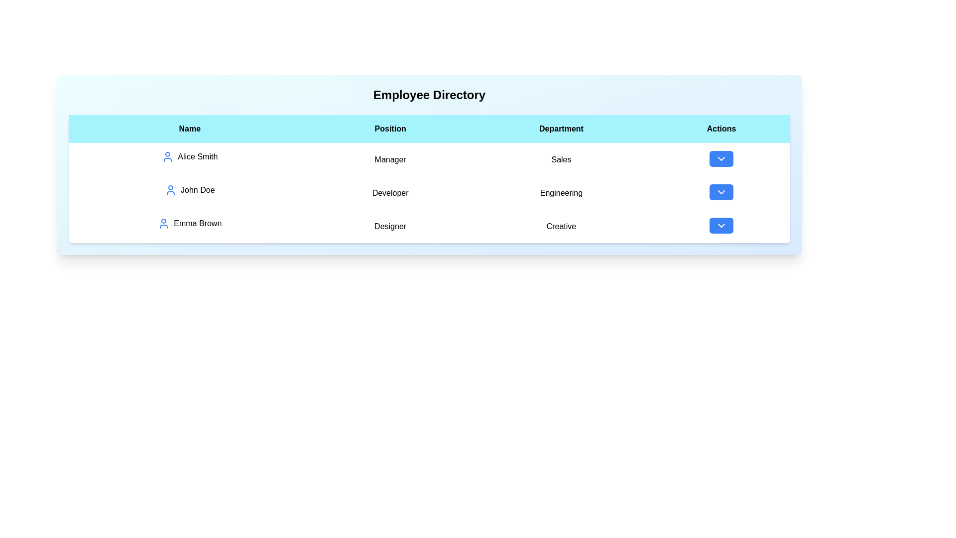  What do you see at coordinates (721, 128) in the screenshot?
I see `the 'Actions' header label in the table, which is the rightmost among the four headers: 'Name', 'Position', 'Department', and 'Actions'` at bounding box center [721, 128].